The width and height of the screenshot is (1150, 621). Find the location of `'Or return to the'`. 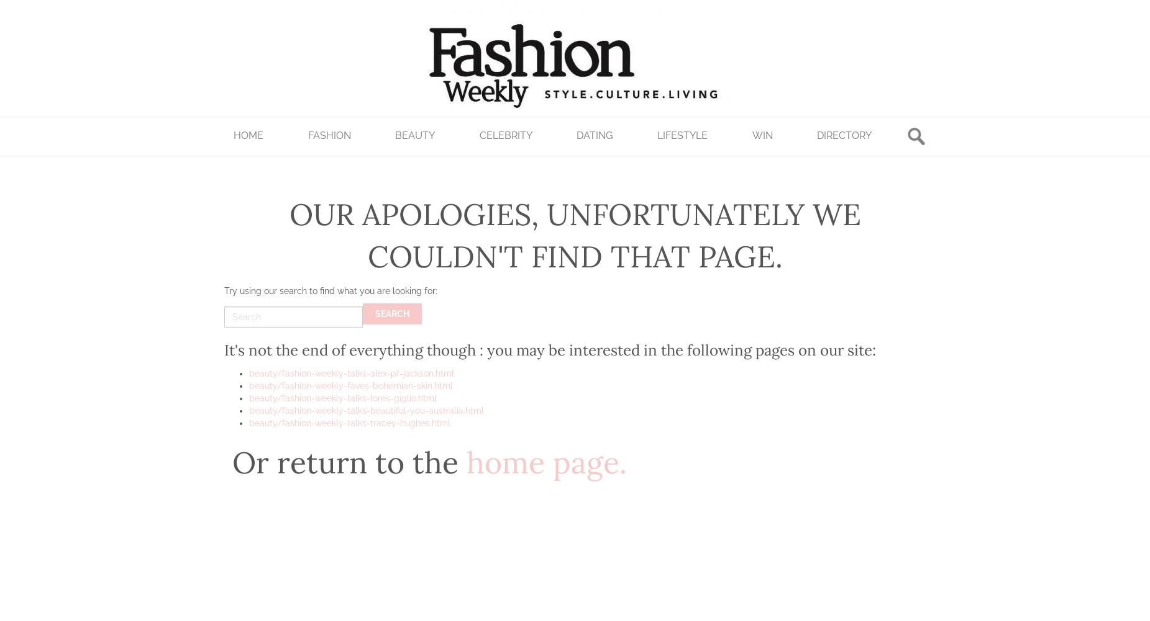

'Or return to the' is located at coordinates (344, 462).